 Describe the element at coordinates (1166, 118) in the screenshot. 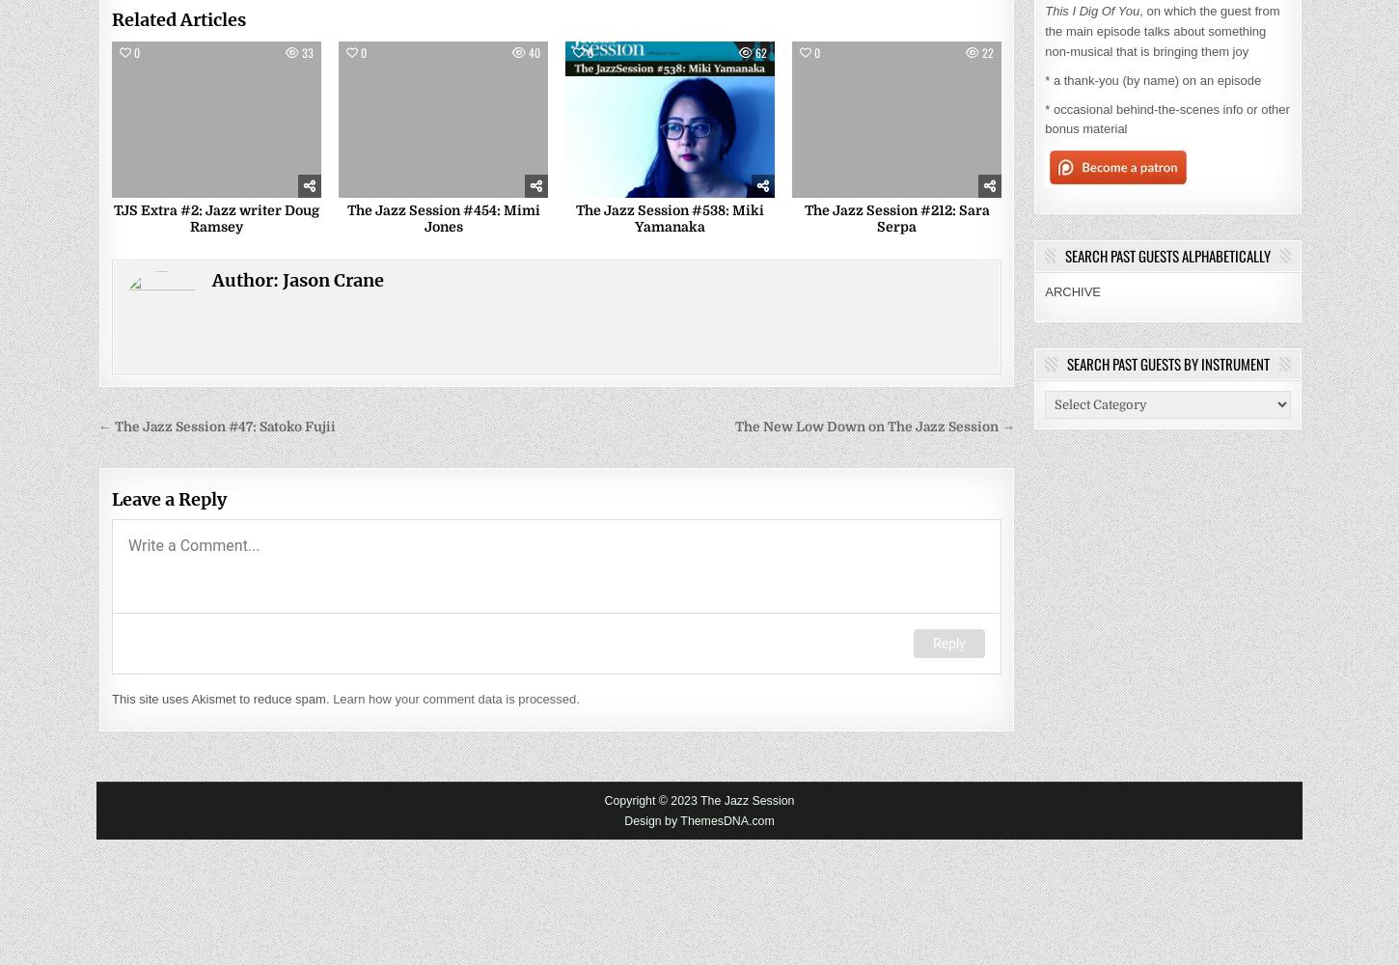

I see `'* occasional behind-the-scenes info or other bonus material'` at that location.